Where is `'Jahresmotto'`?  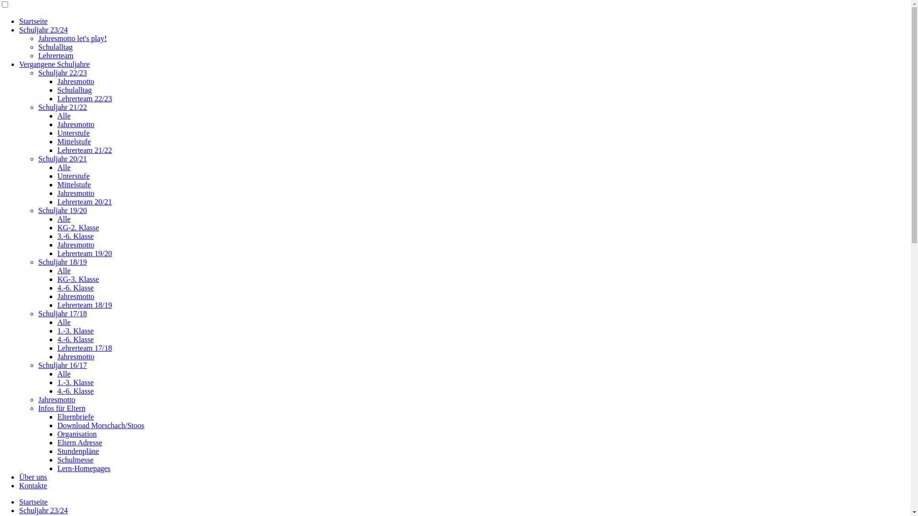 'Jahresmotto' is located at coordinates (56, 399).